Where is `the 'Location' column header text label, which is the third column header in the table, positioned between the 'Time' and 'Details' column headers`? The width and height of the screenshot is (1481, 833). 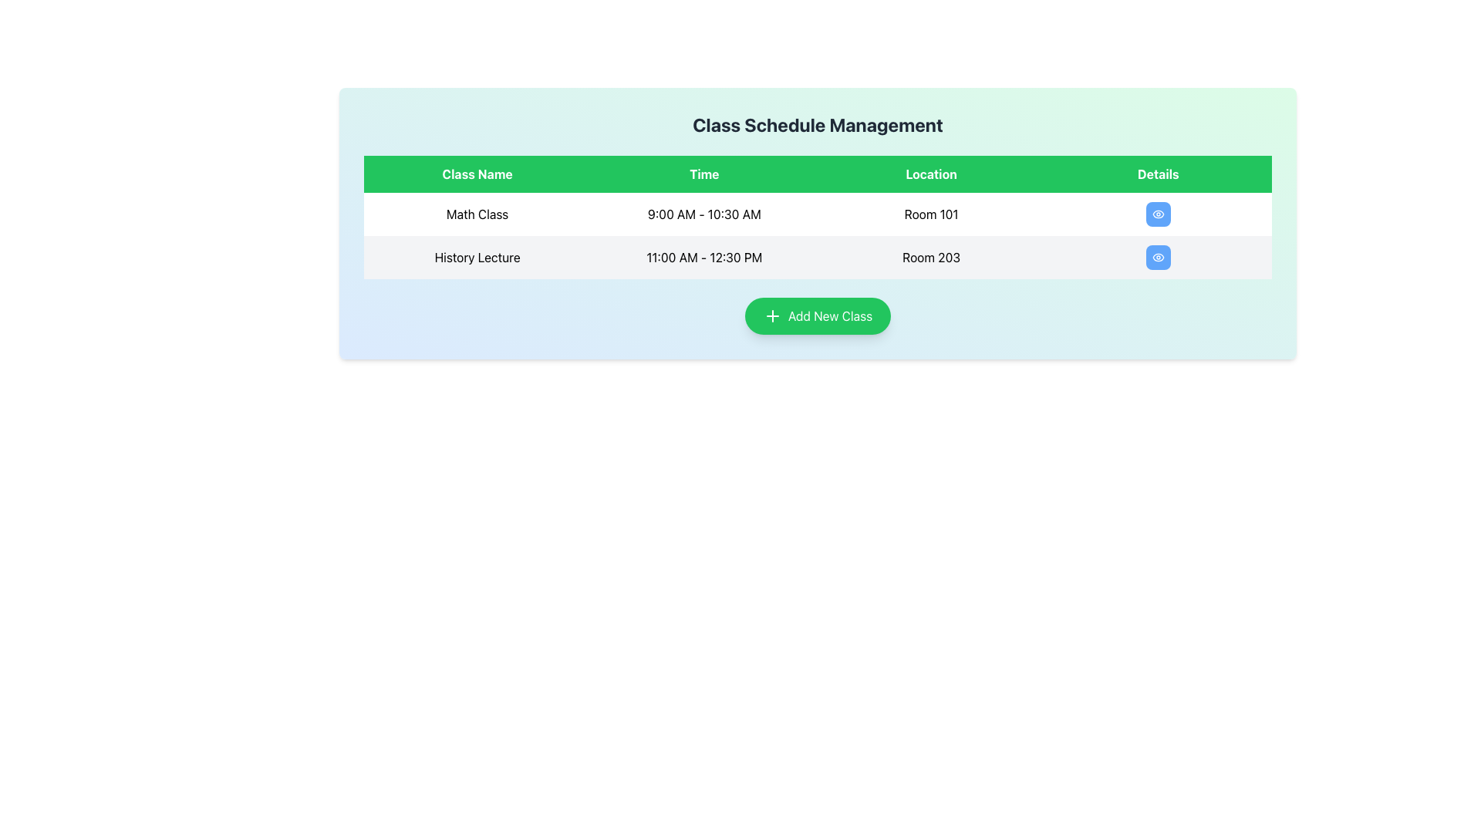 the 'Location' column header text label, which is the third column header in the table, positioned between the 'Time' and 'Details' column headers is located at coordinates (930, 174).